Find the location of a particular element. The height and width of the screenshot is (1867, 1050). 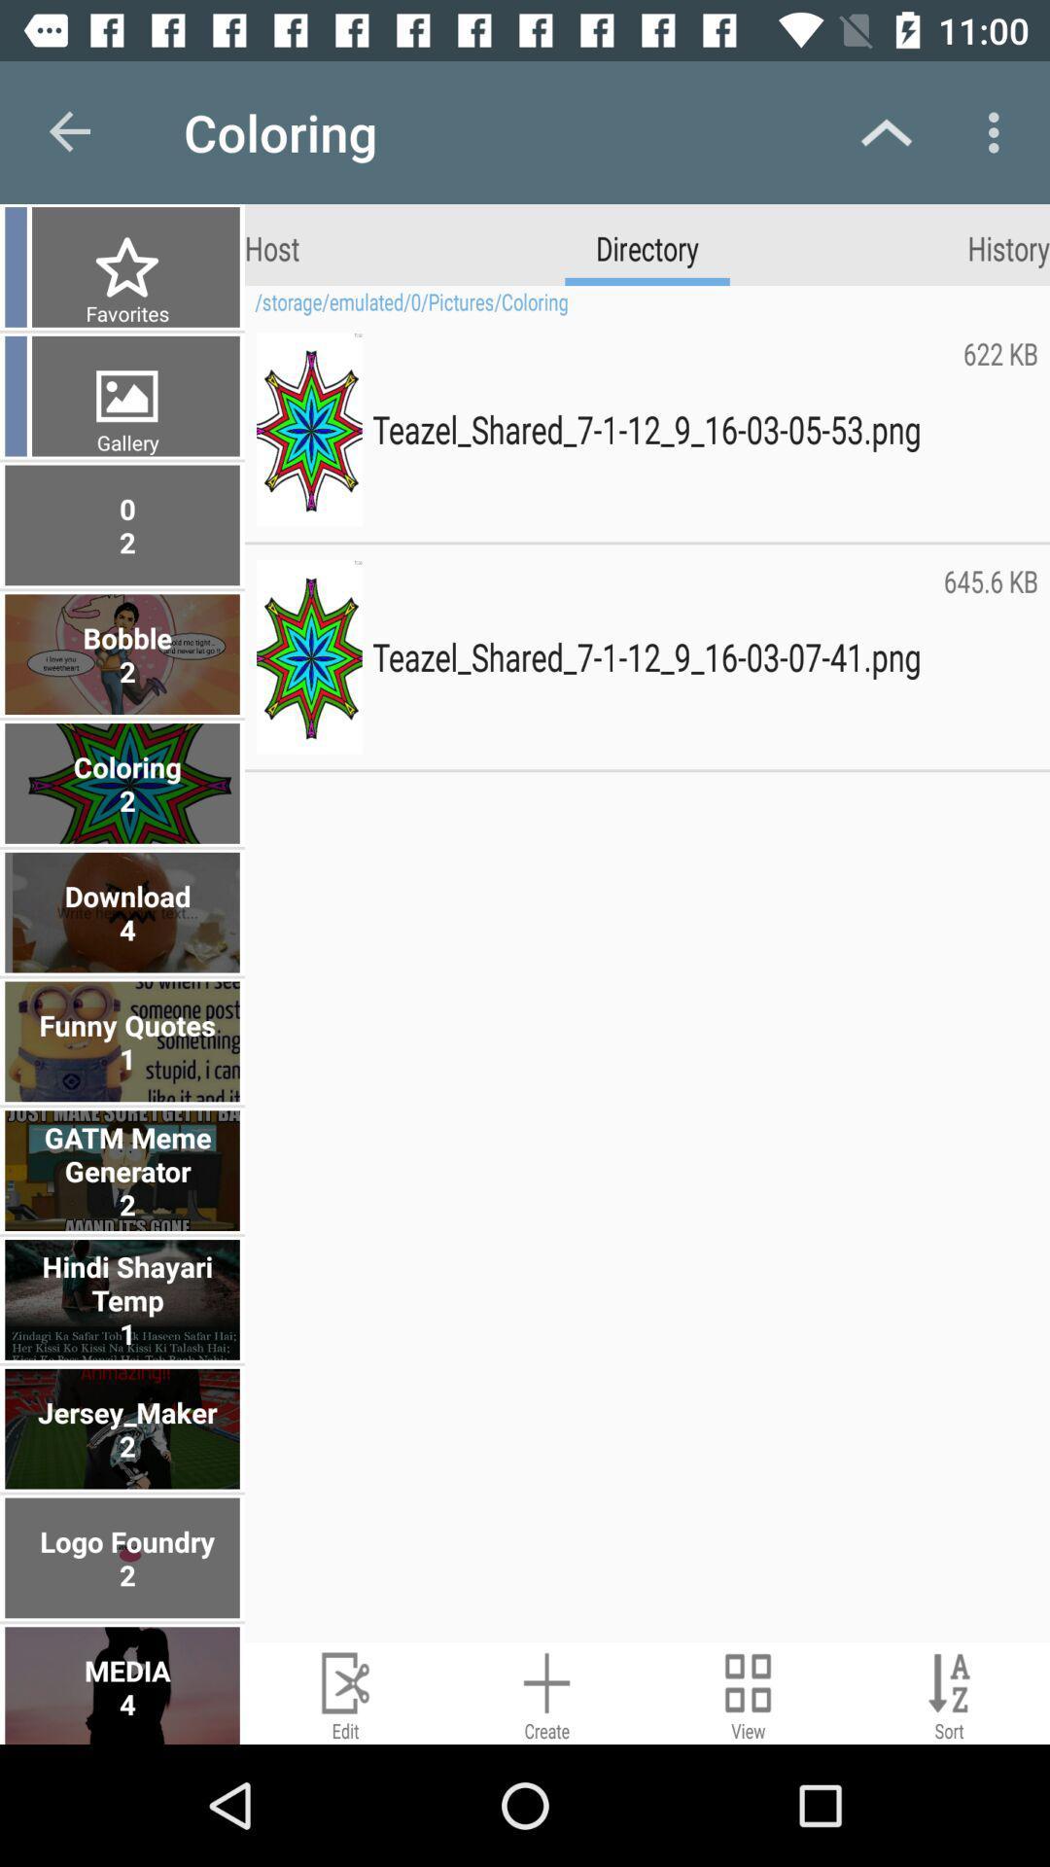

the 0 is located at coordinates (124, 525).